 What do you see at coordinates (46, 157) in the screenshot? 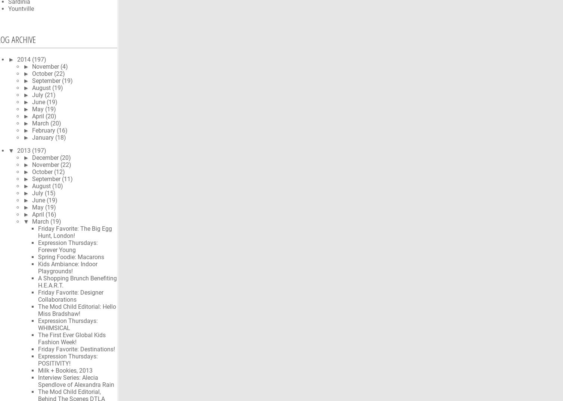
I see `'December'` at bounding box center [46, 157].